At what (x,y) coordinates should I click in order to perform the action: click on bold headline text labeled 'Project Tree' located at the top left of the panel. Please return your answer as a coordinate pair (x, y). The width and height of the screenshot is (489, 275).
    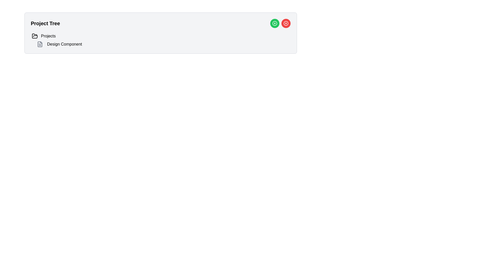
    Looking at the image, I should click on (45, 23).